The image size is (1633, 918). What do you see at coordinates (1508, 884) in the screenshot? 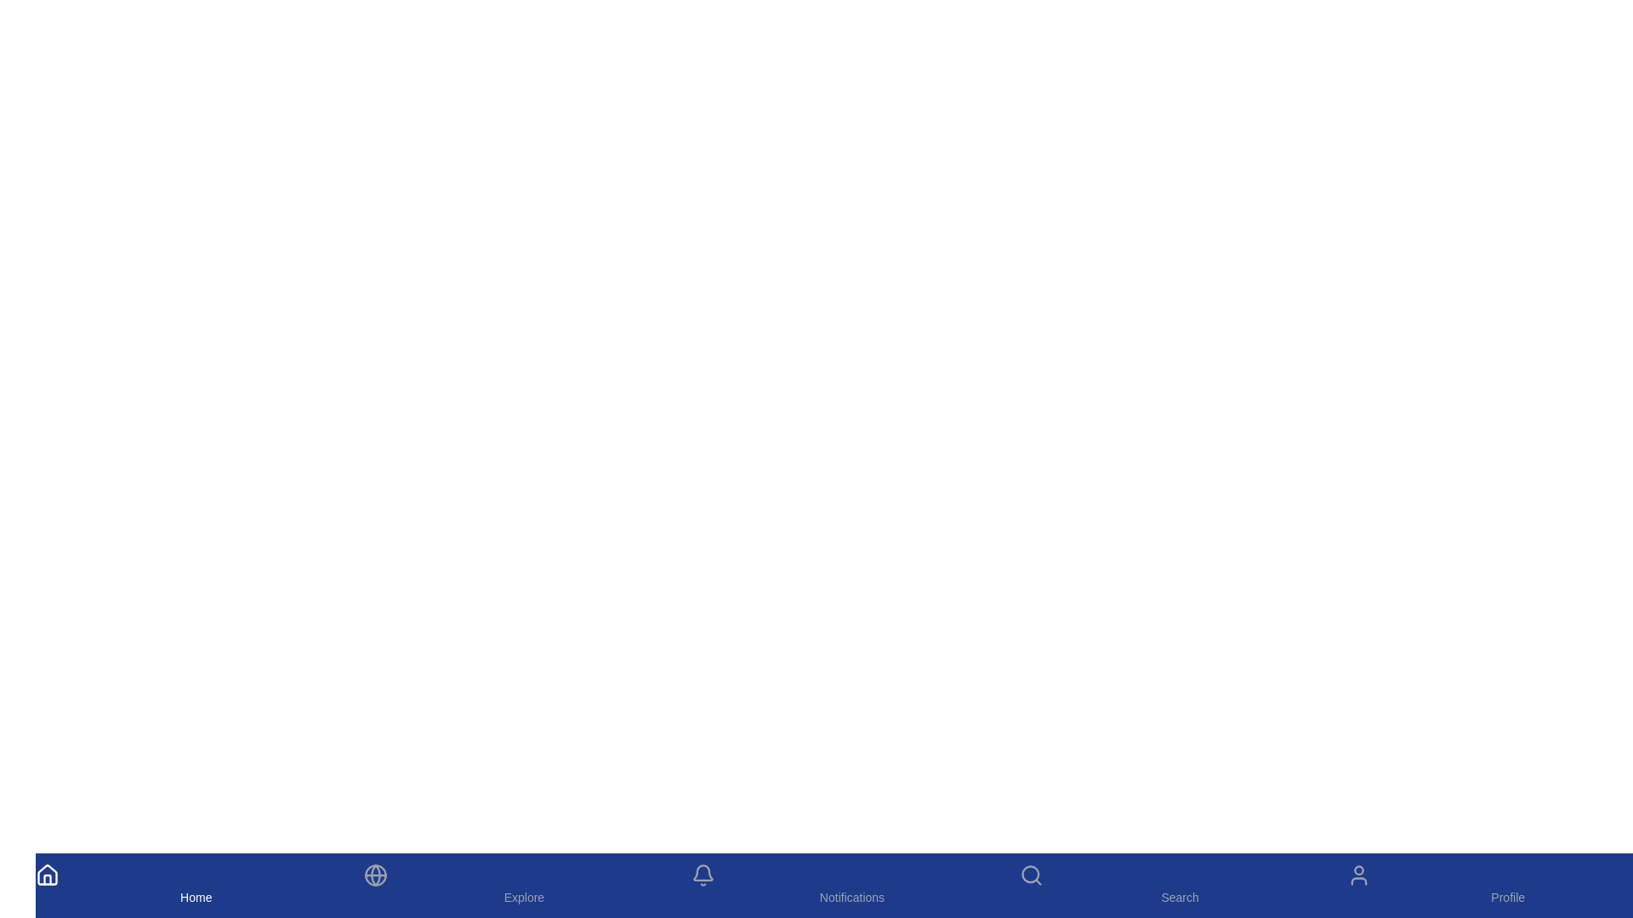
I see `the Profile tab by clicking on its icon` at bounding box center [1508, 884].